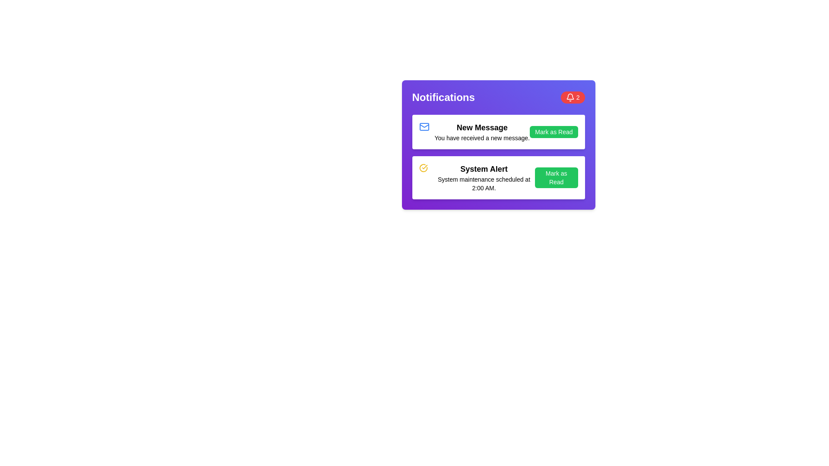  What do you see at coordinates (424, 126) in the screenshot?
I see `the rounded rectangle SVG shape that symbolizes the mail notification` at bounding box center [424, 126].